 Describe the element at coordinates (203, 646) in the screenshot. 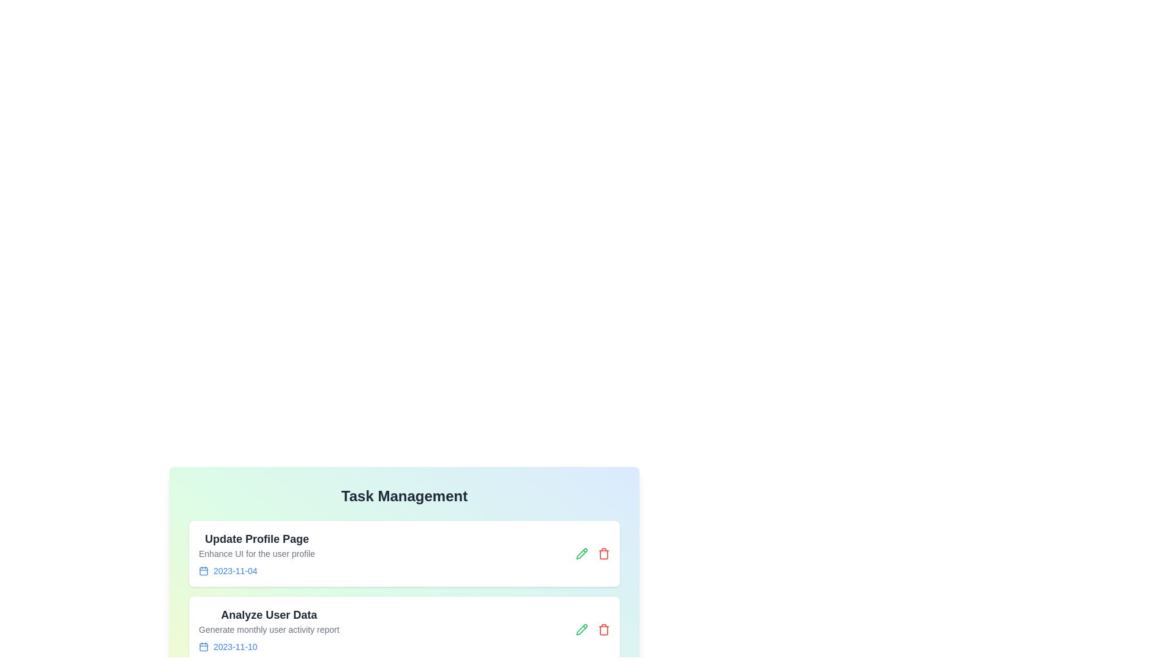

I see `the calendar icon for the task titled 'Analyze User Data'` at that location.